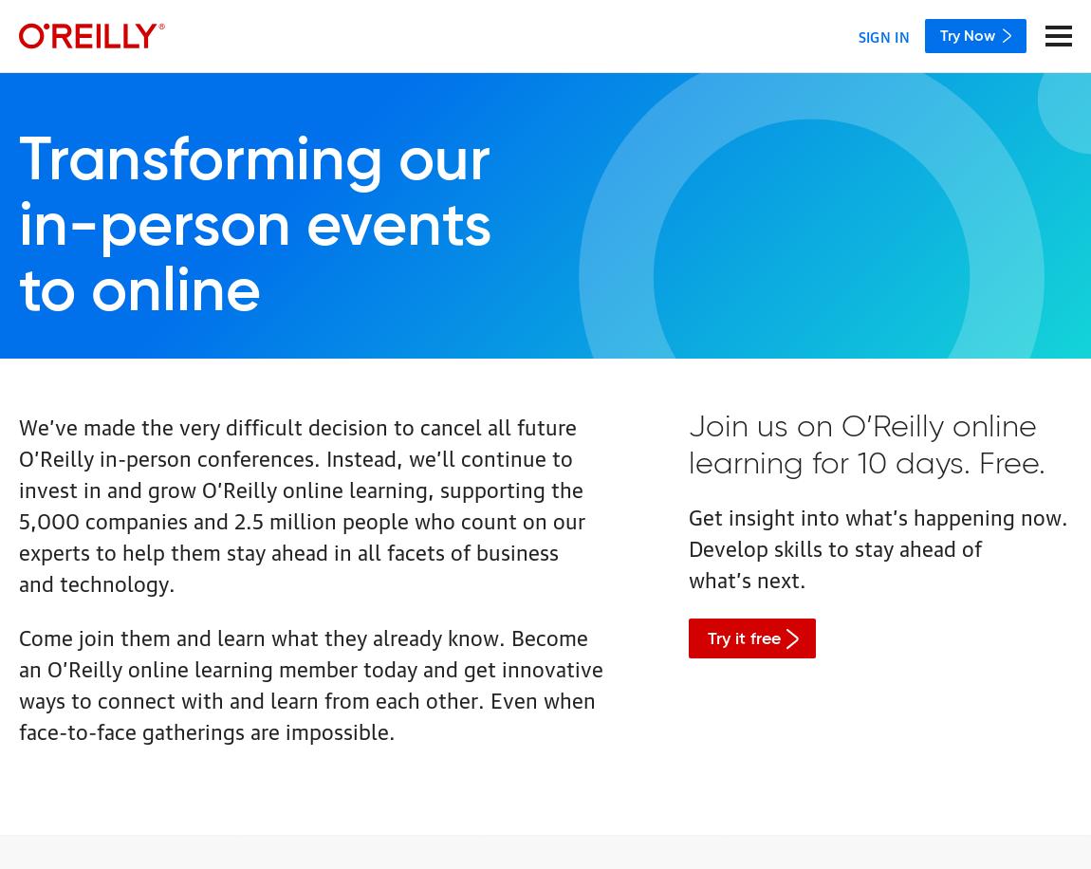 Image resolution: width=1091 pixels, height=869 pixels. I want to click on 'in-person', so click(154, 227).